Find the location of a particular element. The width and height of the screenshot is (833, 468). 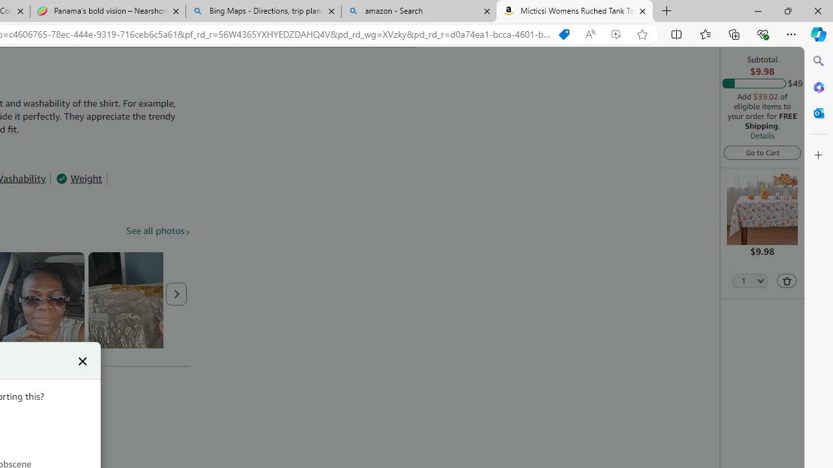

'Shopping in Microsoft Edge' is located at coordinates (564, 34).